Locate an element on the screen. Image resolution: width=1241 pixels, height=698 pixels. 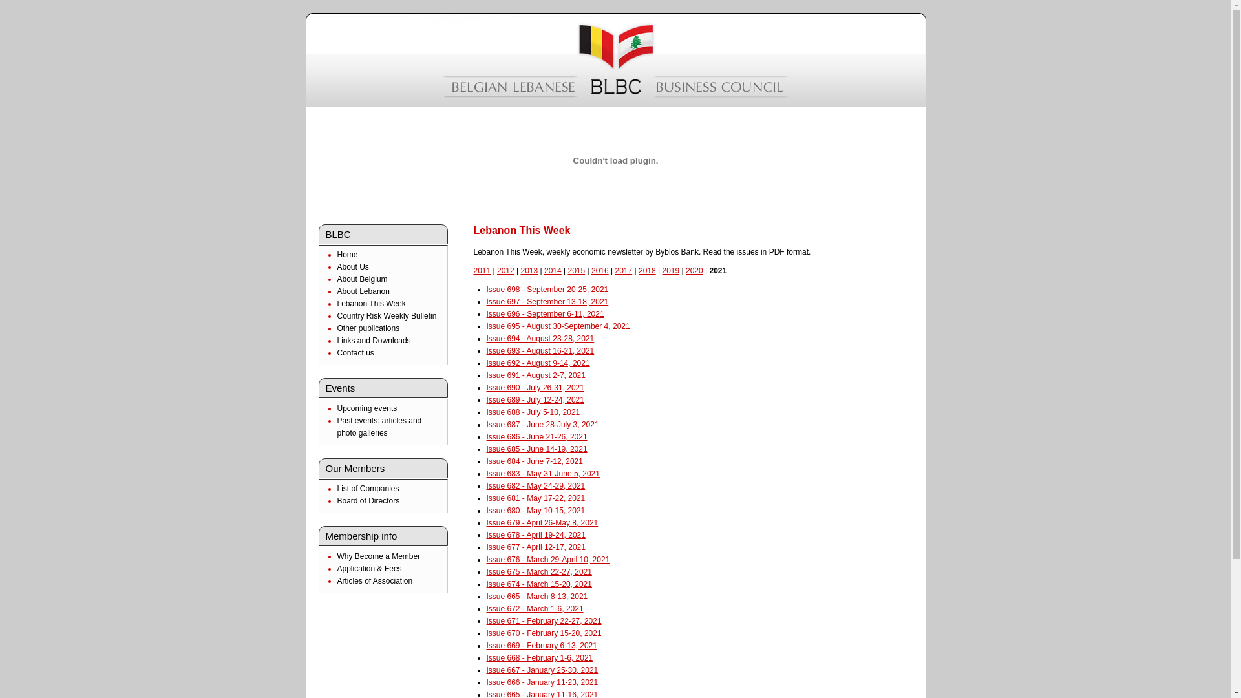
'Issue 680 - May 10-15, 2021' is located at coordinates (535, 510).